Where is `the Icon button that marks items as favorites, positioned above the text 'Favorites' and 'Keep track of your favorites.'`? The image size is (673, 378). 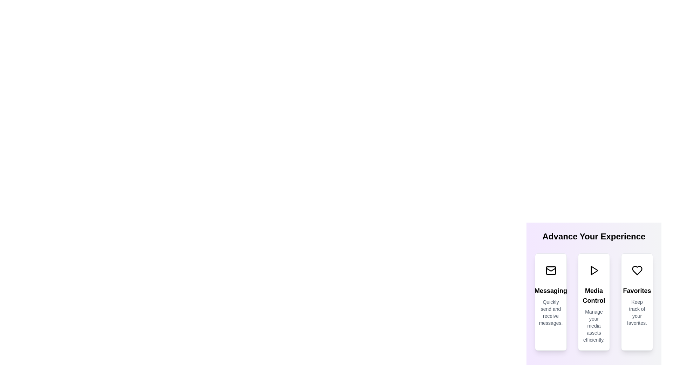
the Icon button that marks items as favorites, positioned above the text 'Favorites' and 'Keep track of your favorites.' is located at coordinates (637, 270).